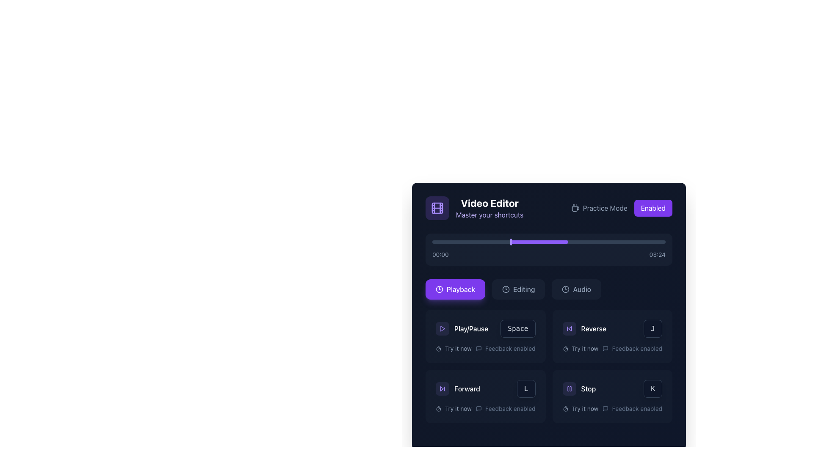  I want to click on the progress bar located centrally within the 'Video Editor' card to seek to a specific point, so click(549, 249).